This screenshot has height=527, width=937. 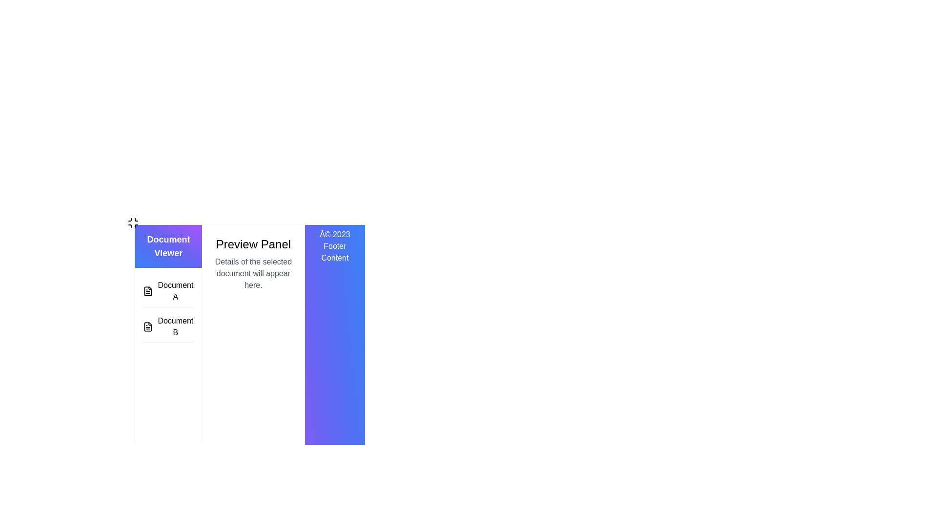 What do you see at coordinates (133, 223) in the screenshot?
I see `the compact icon resembling a four-way arrow located in the top-left corner of the interface` at bounding box center [133, 223].